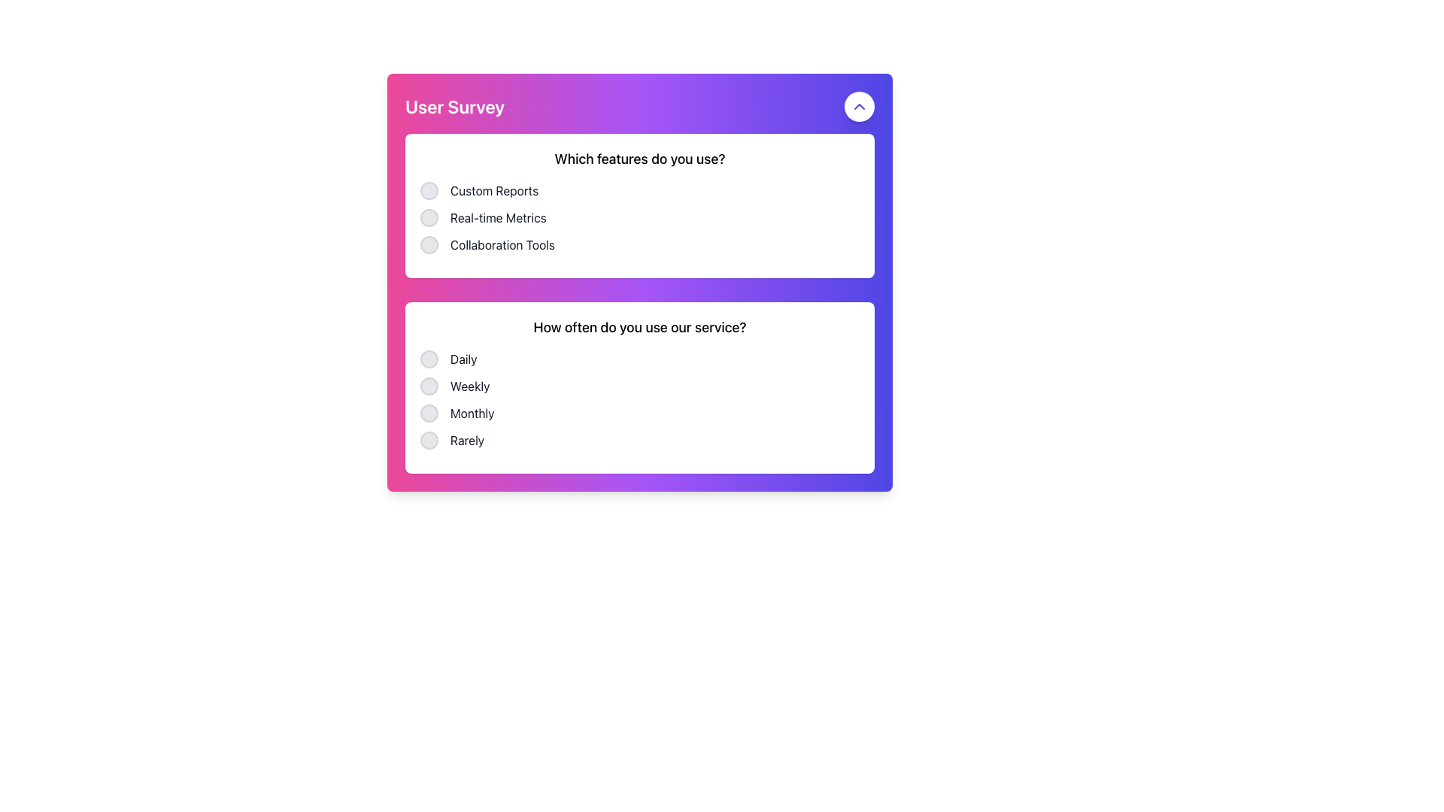  Describe the element at coordinates (466, 440) in the screenshot. I see `the text label element displaying 'Rarely', which is styled in bold, dark gray font and positioned to the right of a circular radio button under the question 'How often do you use our service?'` at that location.